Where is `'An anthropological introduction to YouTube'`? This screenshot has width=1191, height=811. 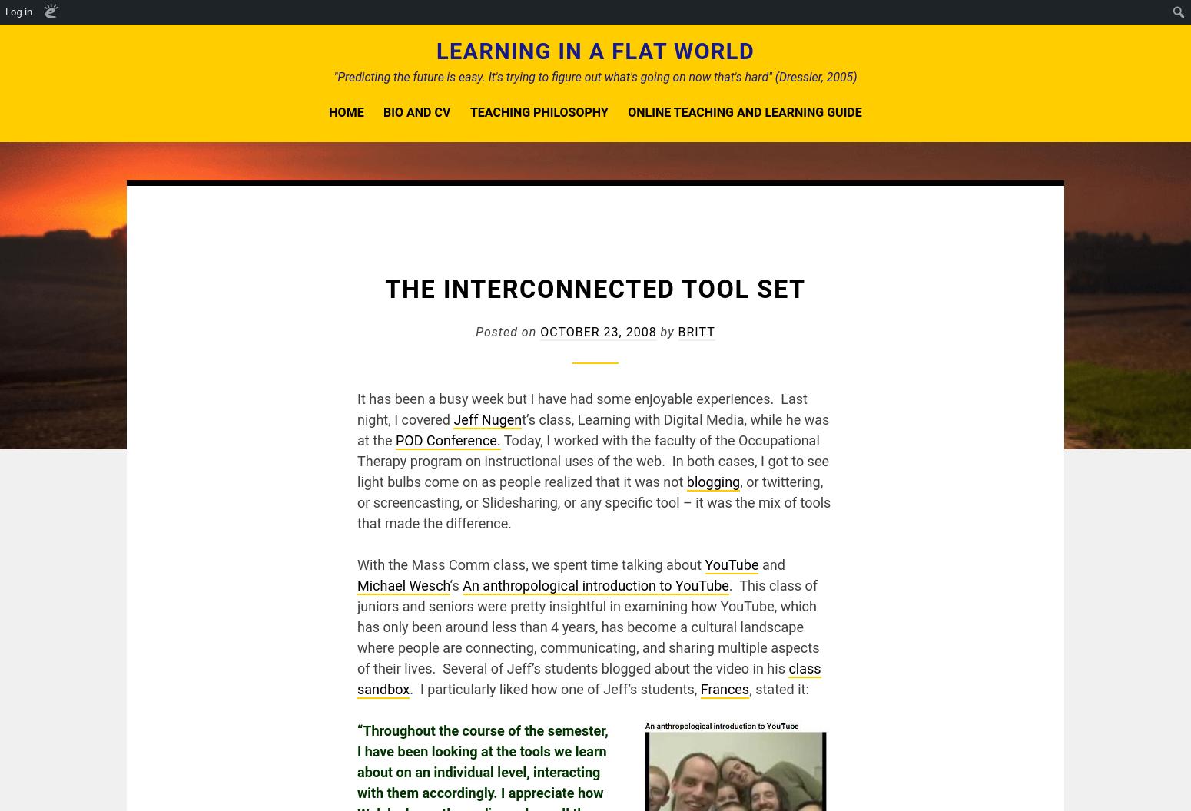 'An anthropological introduction to YouTube' is located at coordinates (595, 584).